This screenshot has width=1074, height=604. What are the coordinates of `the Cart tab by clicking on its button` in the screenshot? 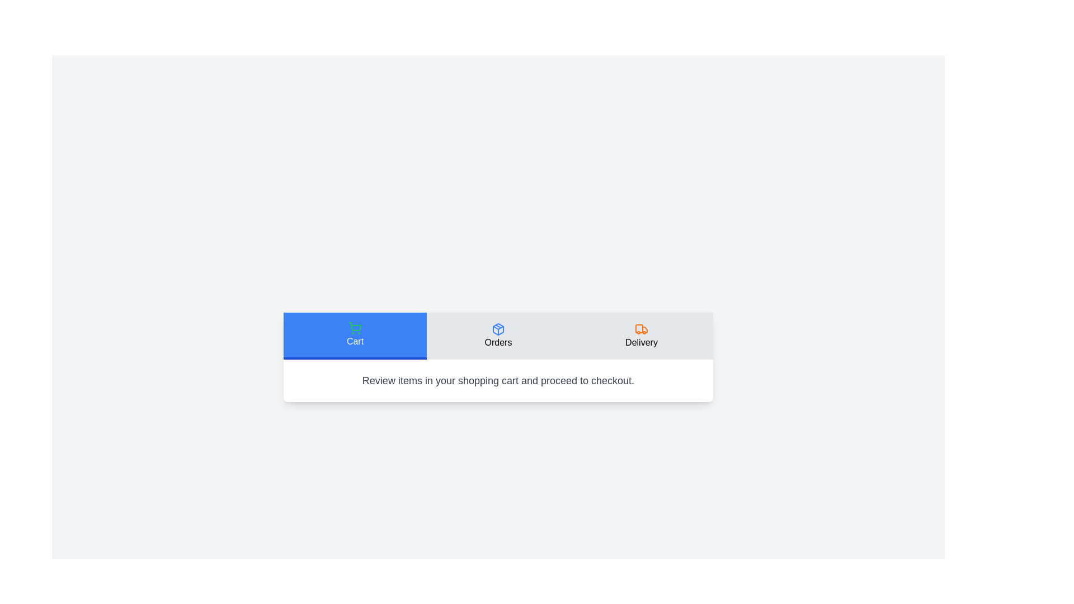 It's located at (354, 336).